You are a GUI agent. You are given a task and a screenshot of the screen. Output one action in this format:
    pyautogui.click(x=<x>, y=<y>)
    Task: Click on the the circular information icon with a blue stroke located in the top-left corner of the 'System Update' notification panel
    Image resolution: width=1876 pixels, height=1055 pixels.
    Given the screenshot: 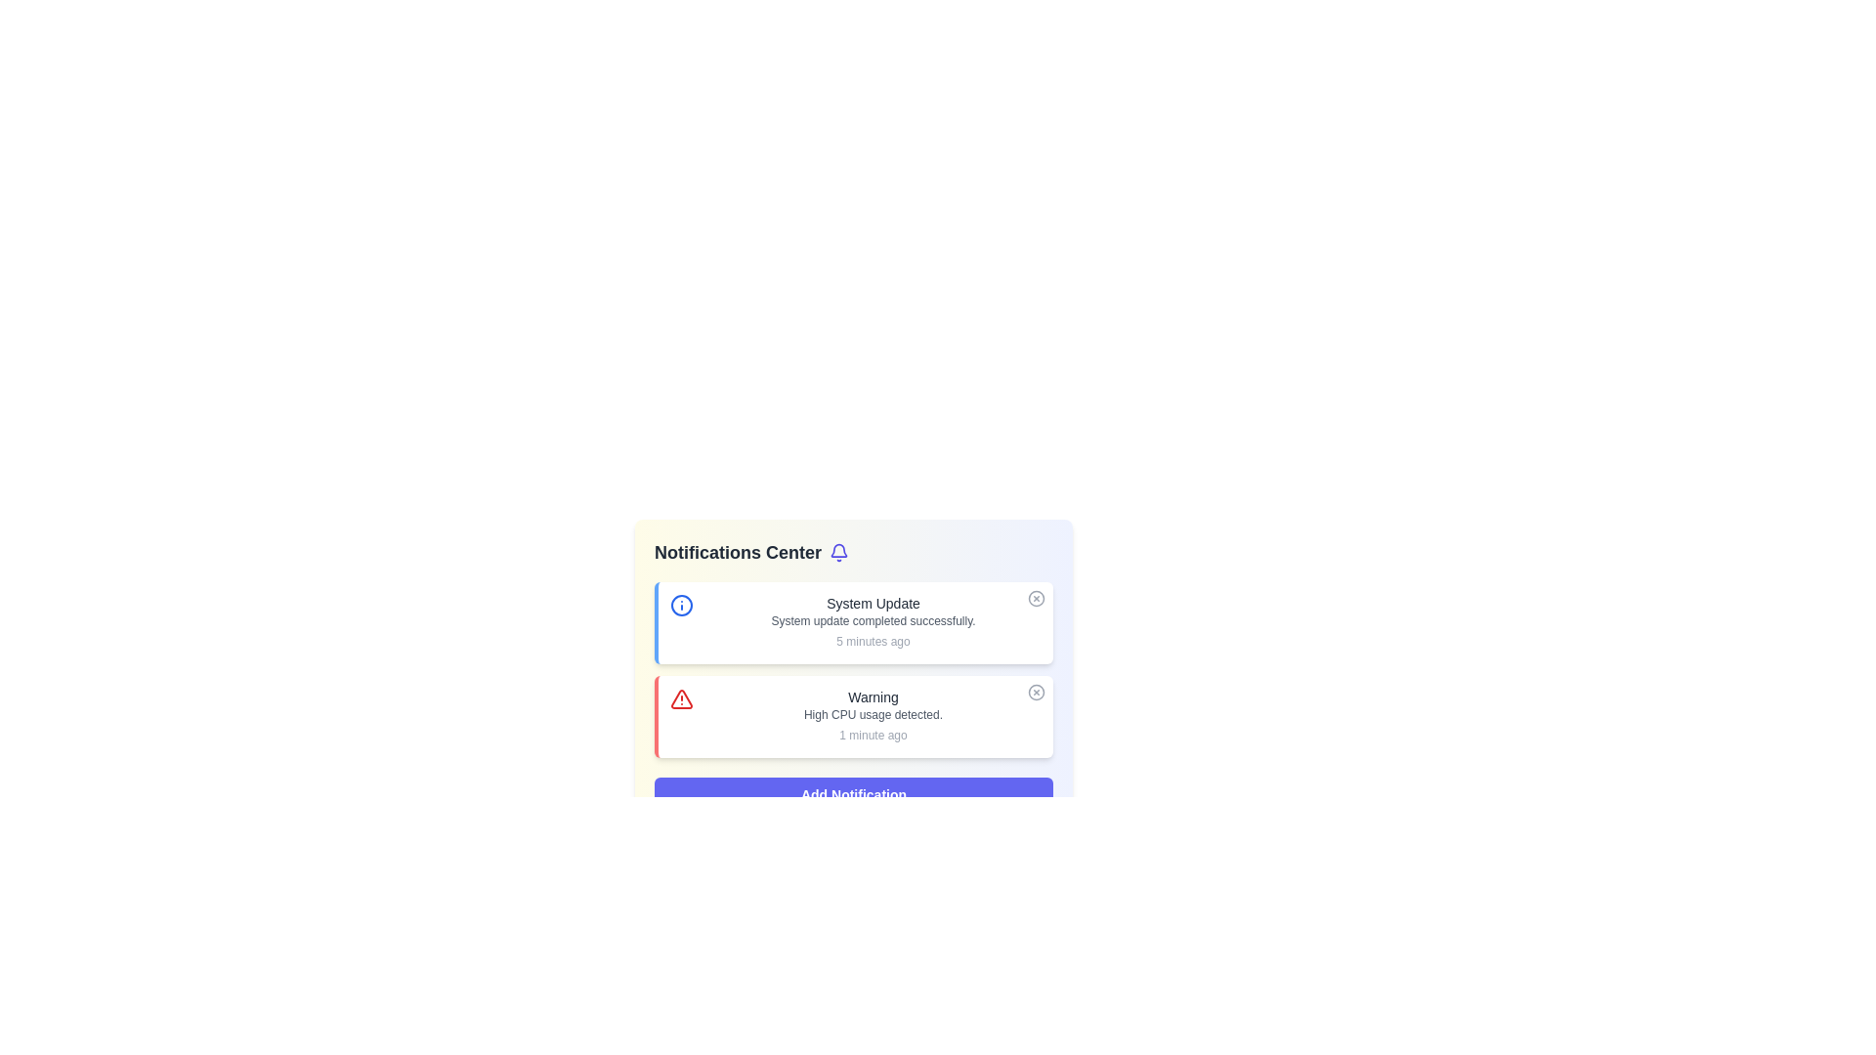 What is the action you would take?
    pyautogui.click(x=681, y=605)
    